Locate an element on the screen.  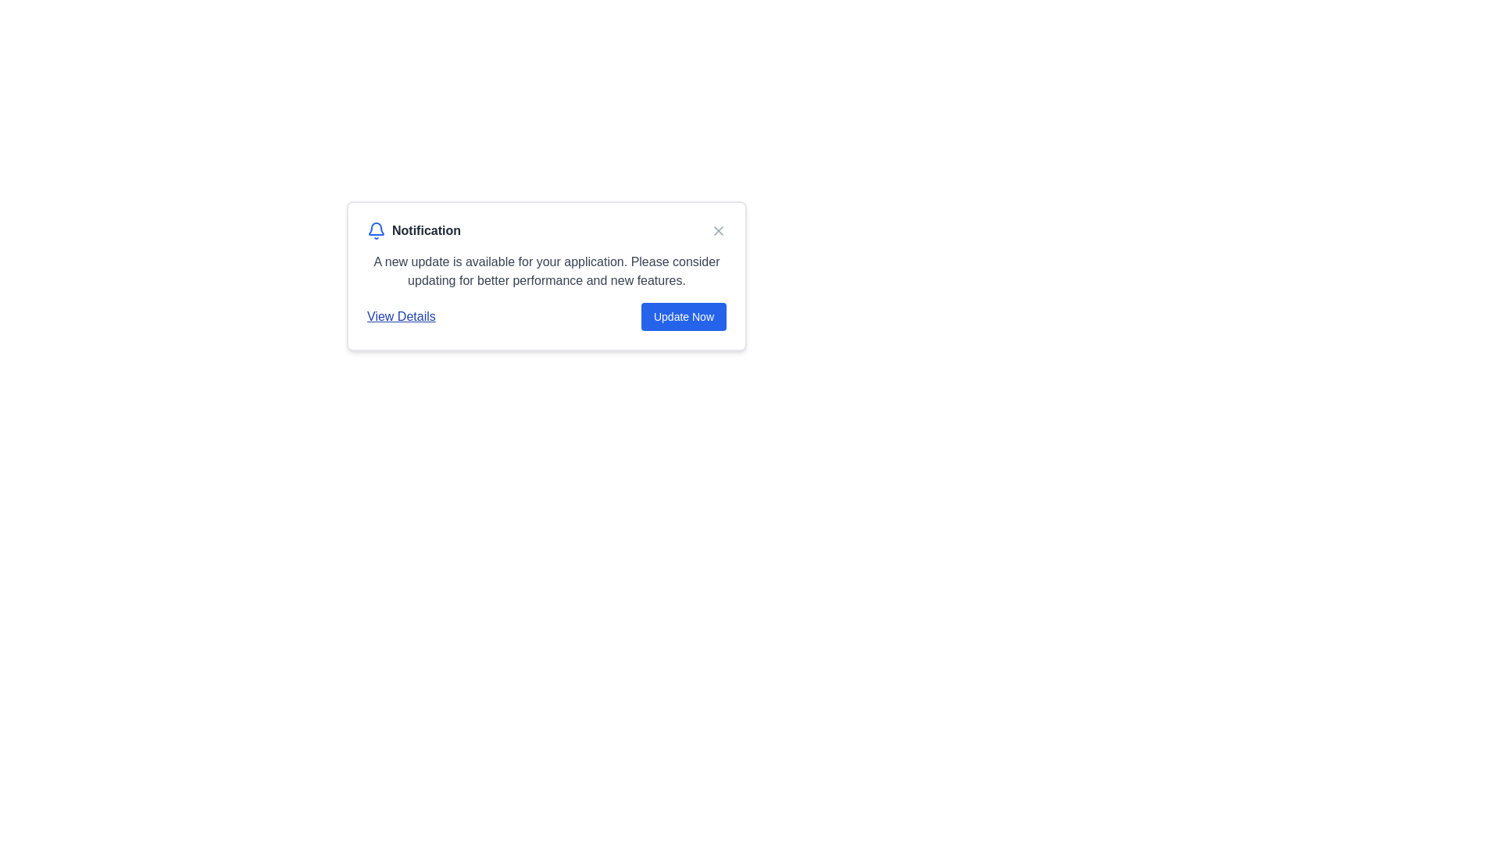
the blue bell icon located to the left of the text 'Notification' in the notification banner is located at coordinates (376, 231).